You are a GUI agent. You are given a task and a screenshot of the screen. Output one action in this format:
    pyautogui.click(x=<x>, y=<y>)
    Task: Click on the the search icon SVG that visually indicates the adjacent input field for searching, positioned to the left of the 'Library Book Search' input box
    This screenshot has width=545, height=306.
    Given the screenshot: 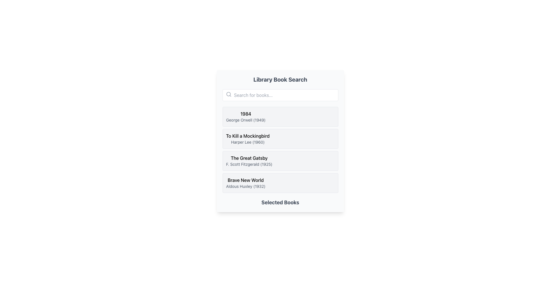 What is the action you would take?
    pyautogui.click(x=229, y=94)
    